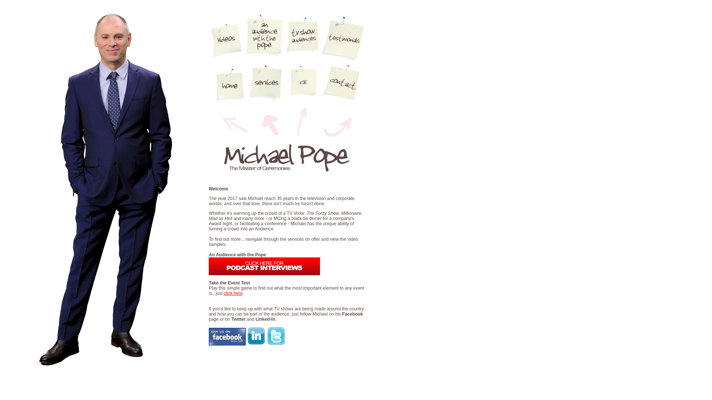 The width and height of the screenshot is (712, 400). I want to click on 'click here', so click(224, 293).